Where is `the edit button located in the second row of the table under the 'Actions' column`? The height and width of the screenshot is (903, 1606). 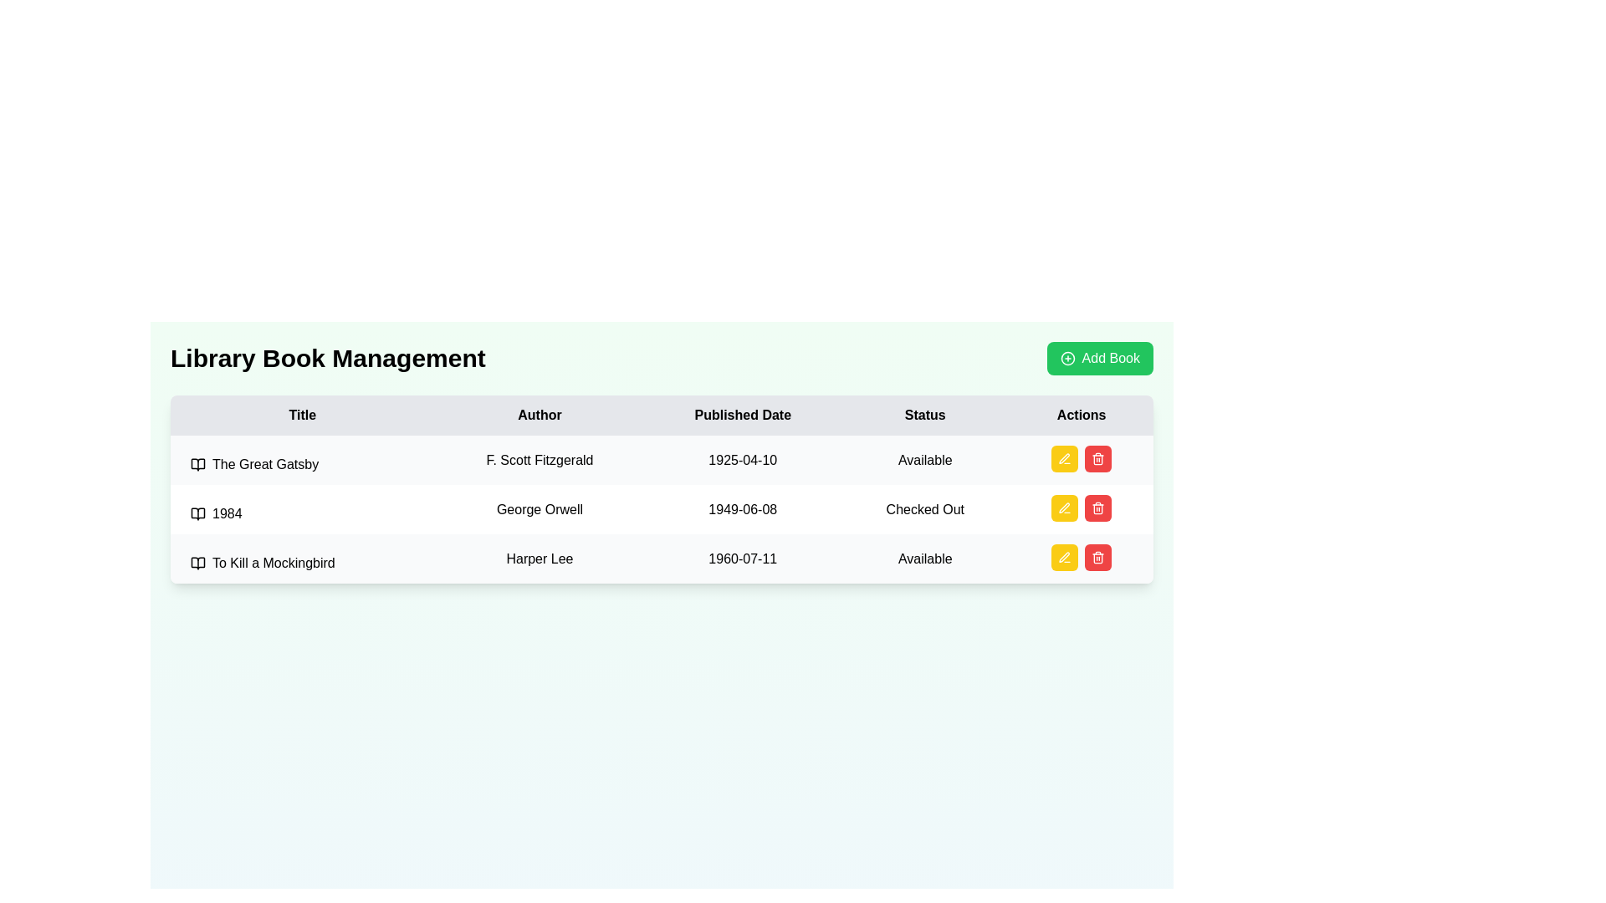 the edit button located in the second row of the table under the 'Actions' column is located at coordinates (1064, 508).